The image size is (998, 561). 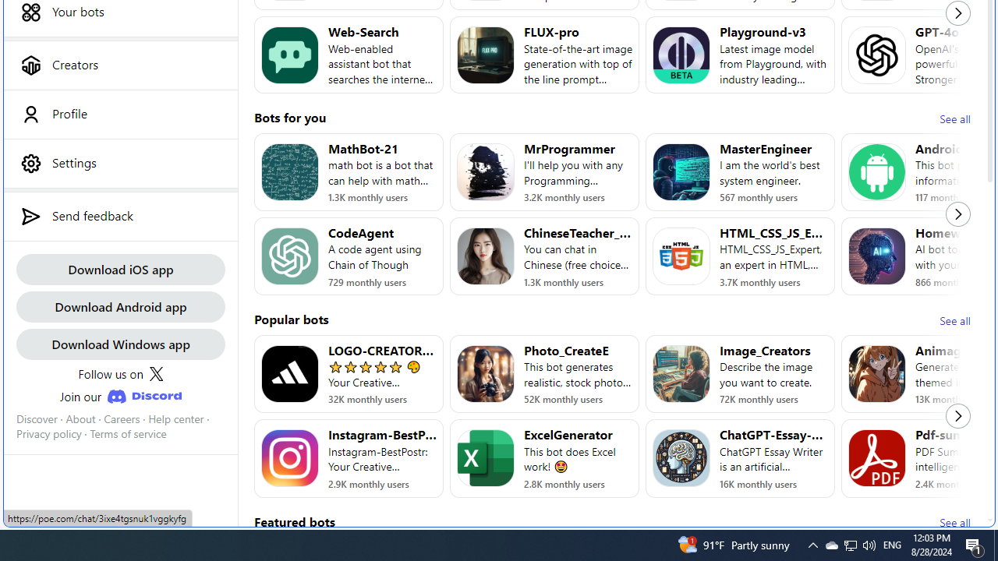 What do you see at coordinates (485, 171) in the screenshot?
I see `'Bot image for MrProgrammer'` at bounding box center [485, 171].